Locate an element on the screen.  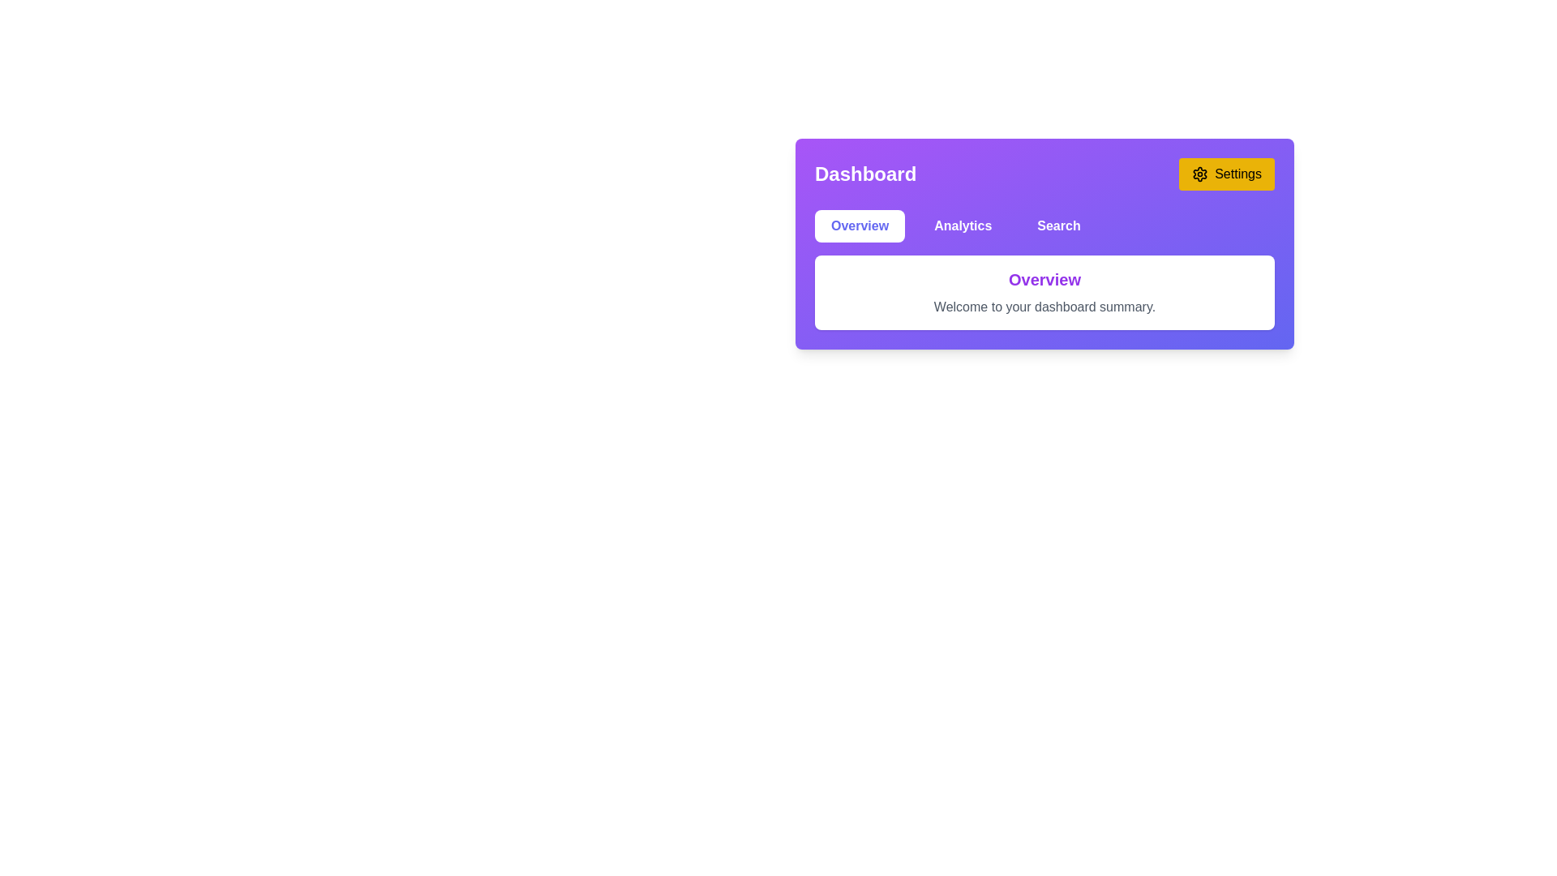
the gear icon located at the top-right corner of the dashboard interface is located at coordinates (1200, 174).